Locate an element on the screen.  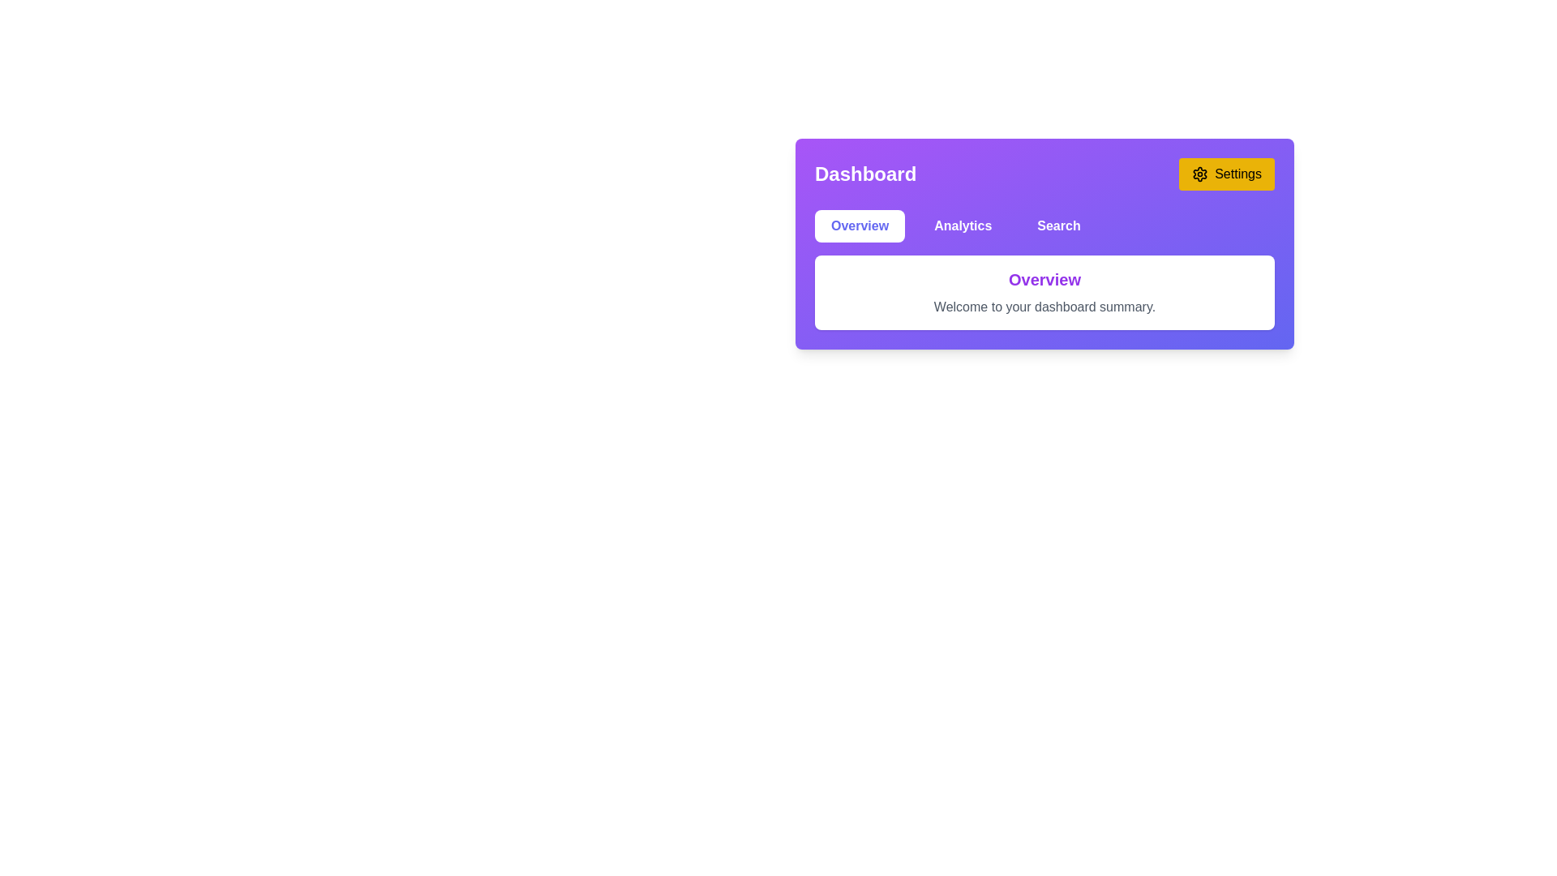
the gear icon located at the top-right corner of the dashboard interface is located at coordinates (1200, 174).